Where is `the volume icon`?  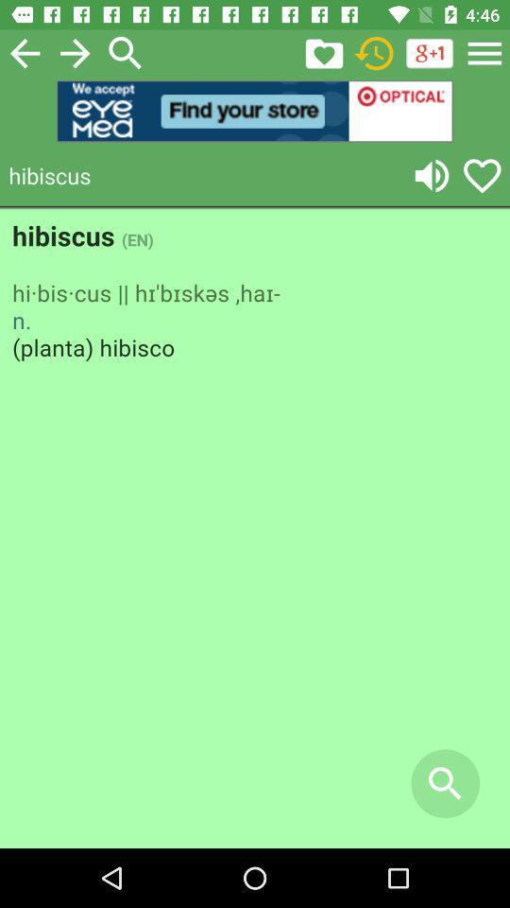 the volume icon is located at coordinates (432, 175).